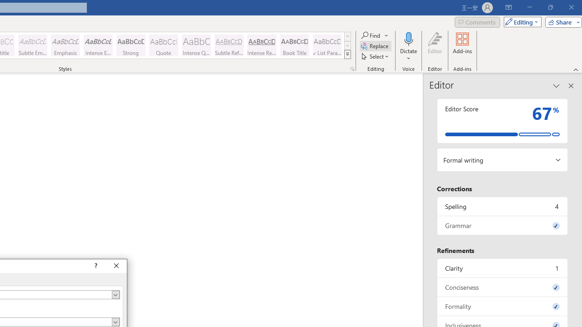 This screenshot has width=582, height=327. What do you see at coordinates (65, 45) in the screenshot?
I see `'Emphasis'` at bounding box center [65, 45].